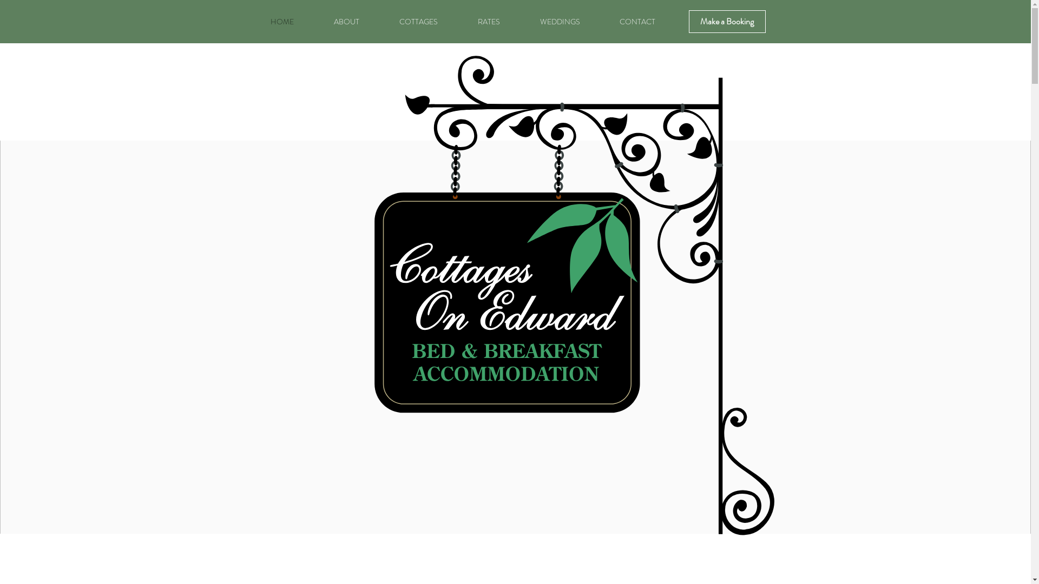 The height and width of the screenshot is (584, 1039). Describe the element at coordinates (346, 21) in the screenshot. I see `'ABOUT'` at that location.